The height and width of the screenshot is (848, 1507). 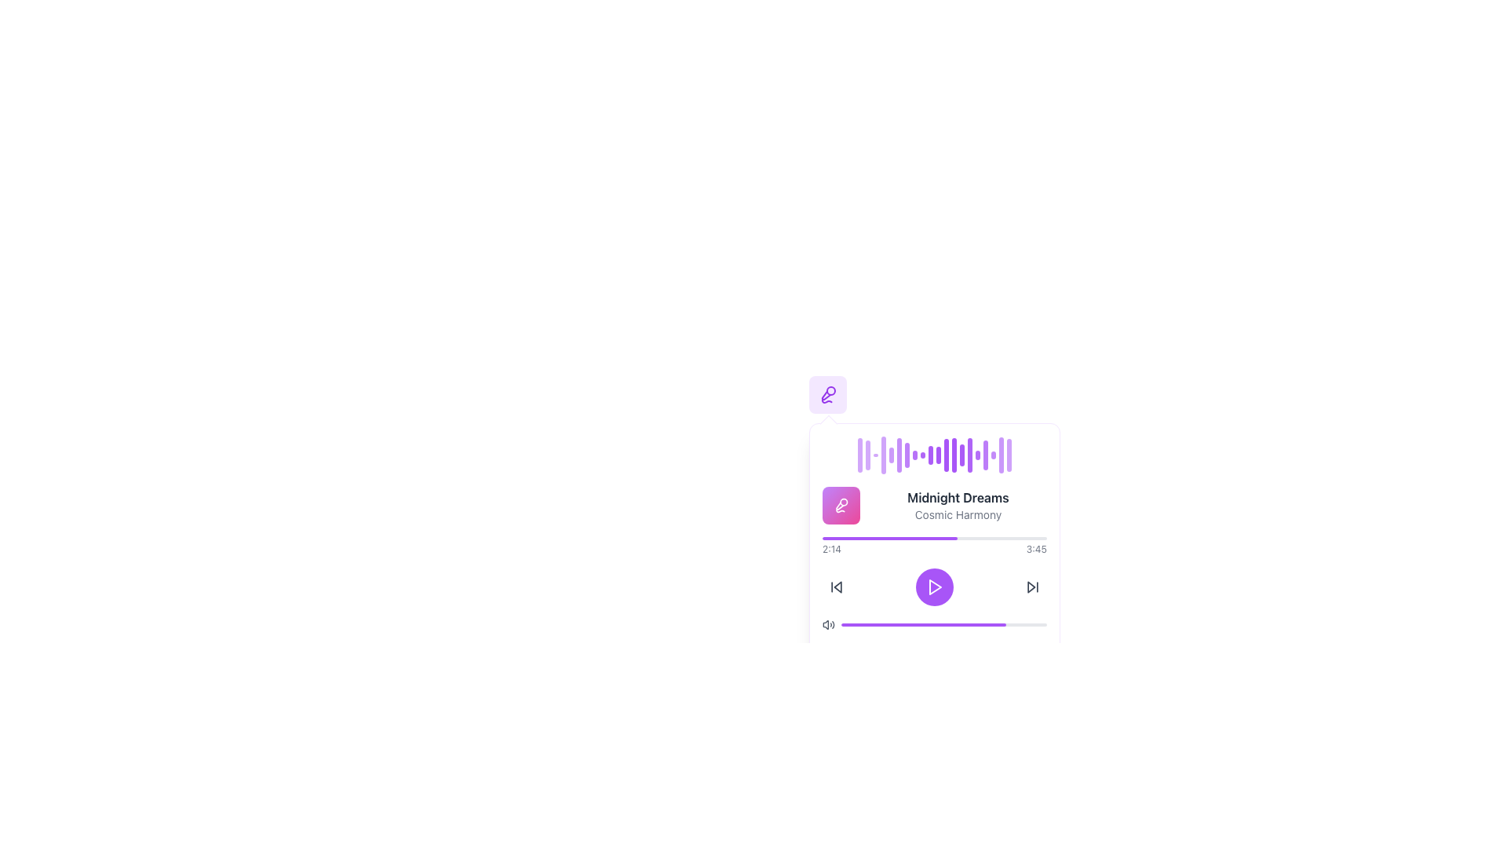 I want to click on the progress bar located at the lower part of the media player interface, which is a thin horizontal bar with a gray background and rounded edges, to interact with it, so click(x=923, y=623).